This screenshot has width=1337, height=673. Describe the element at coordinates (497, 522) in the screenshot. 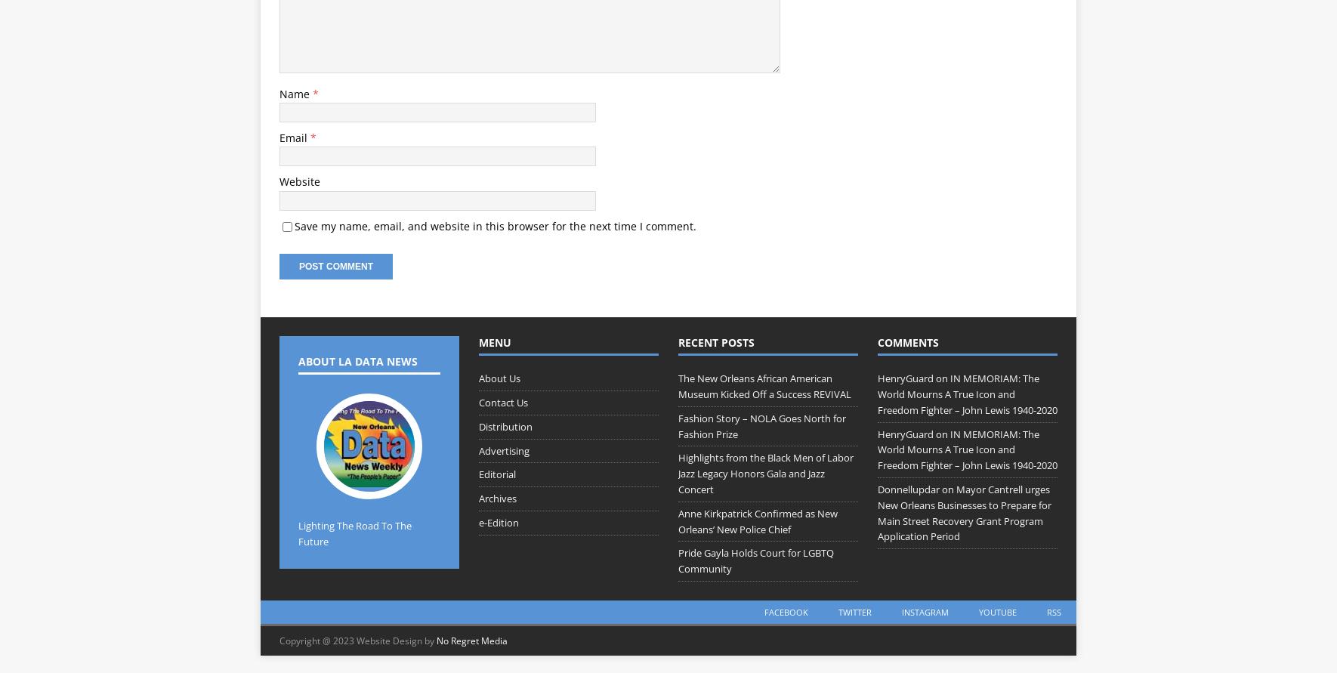

I see `'e-Edition'` at that location.